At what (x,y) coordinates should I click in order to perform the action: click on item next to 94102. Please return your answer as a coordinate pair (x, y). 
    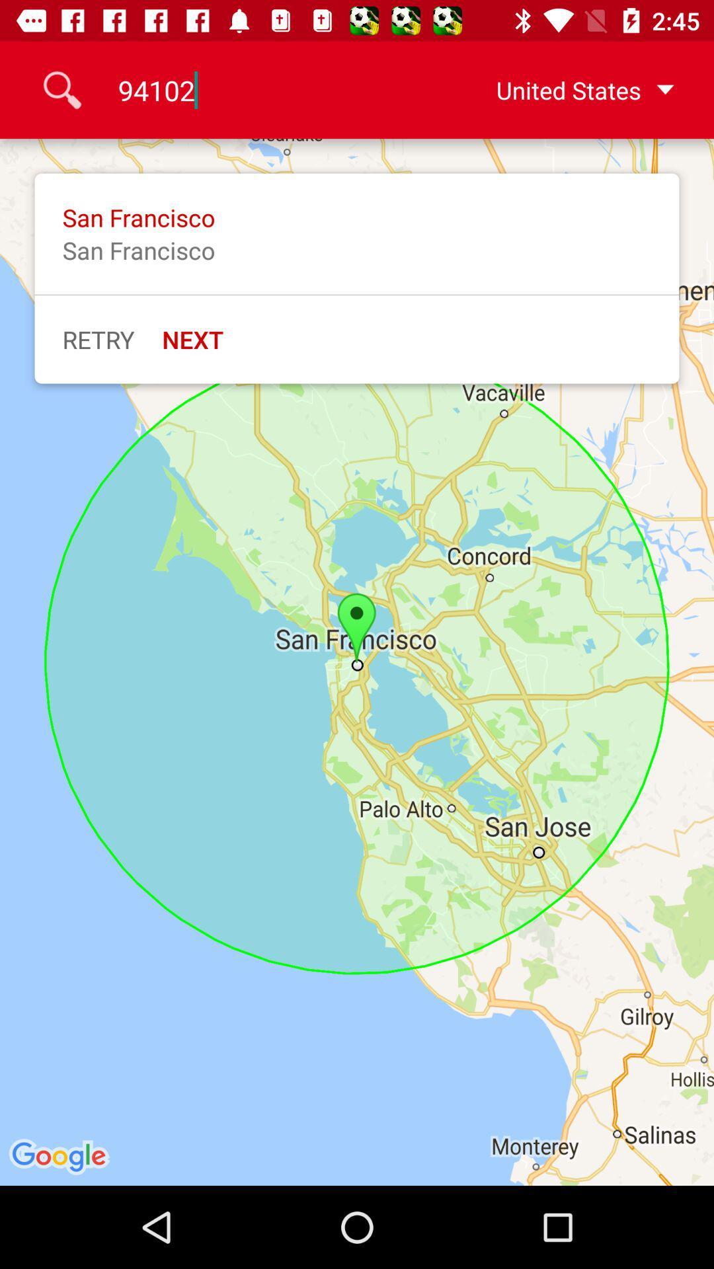
    Looking at the image, I should click on (564, 89).